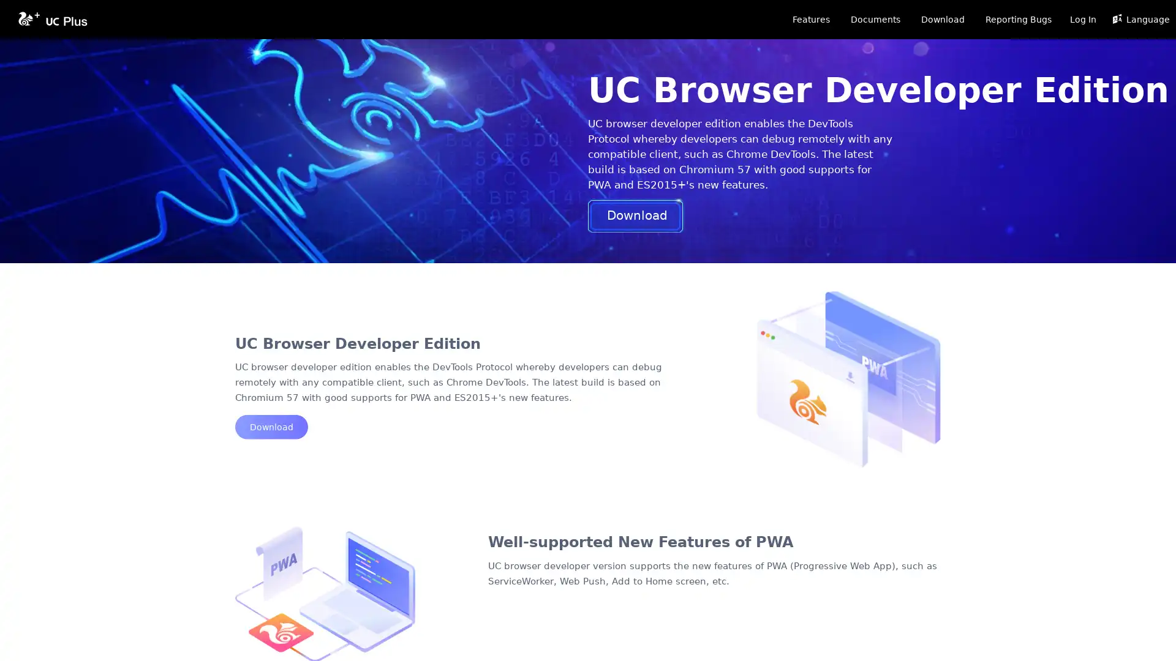 This screenshot has height=661, width=1176. I want to click on Features, so click(811, 19).